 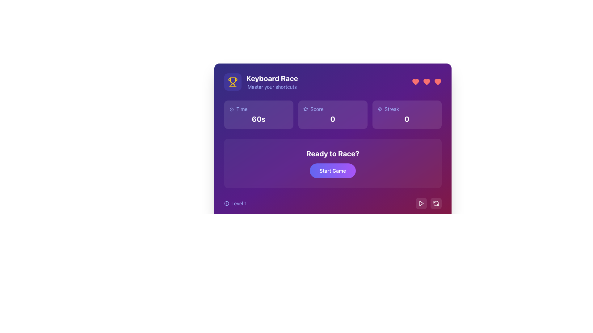 I want to click on the header element located in the top-left corner of the interface, which contains both an image and textual components indicating the purpose of the page, so click(x=261, y=82).